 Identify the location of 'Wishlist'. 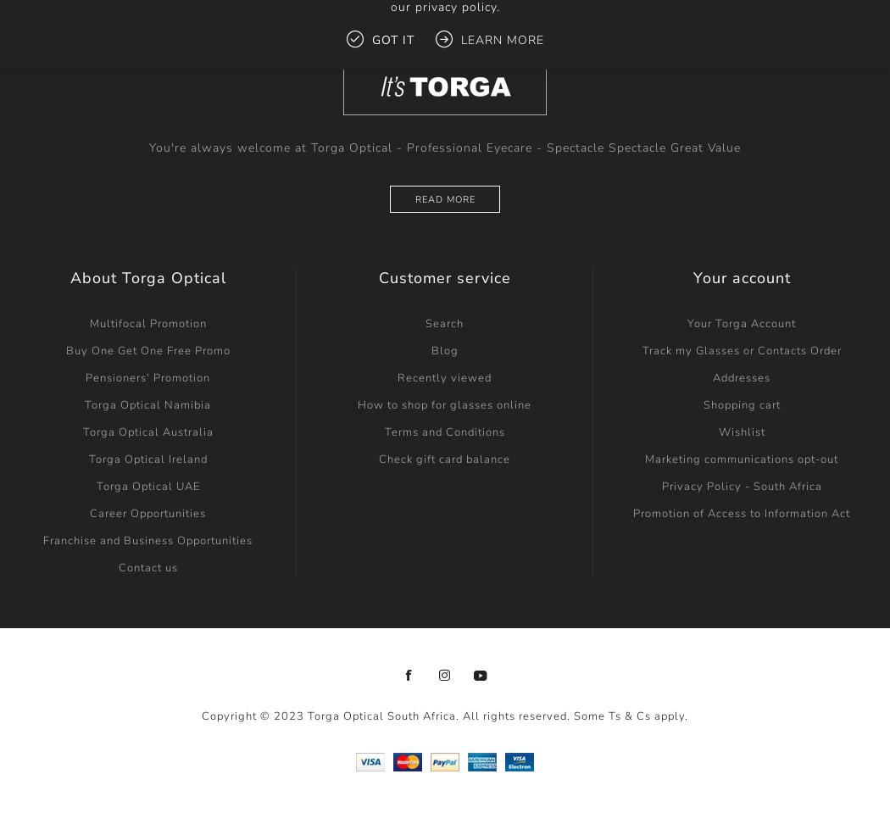
(740, 432).